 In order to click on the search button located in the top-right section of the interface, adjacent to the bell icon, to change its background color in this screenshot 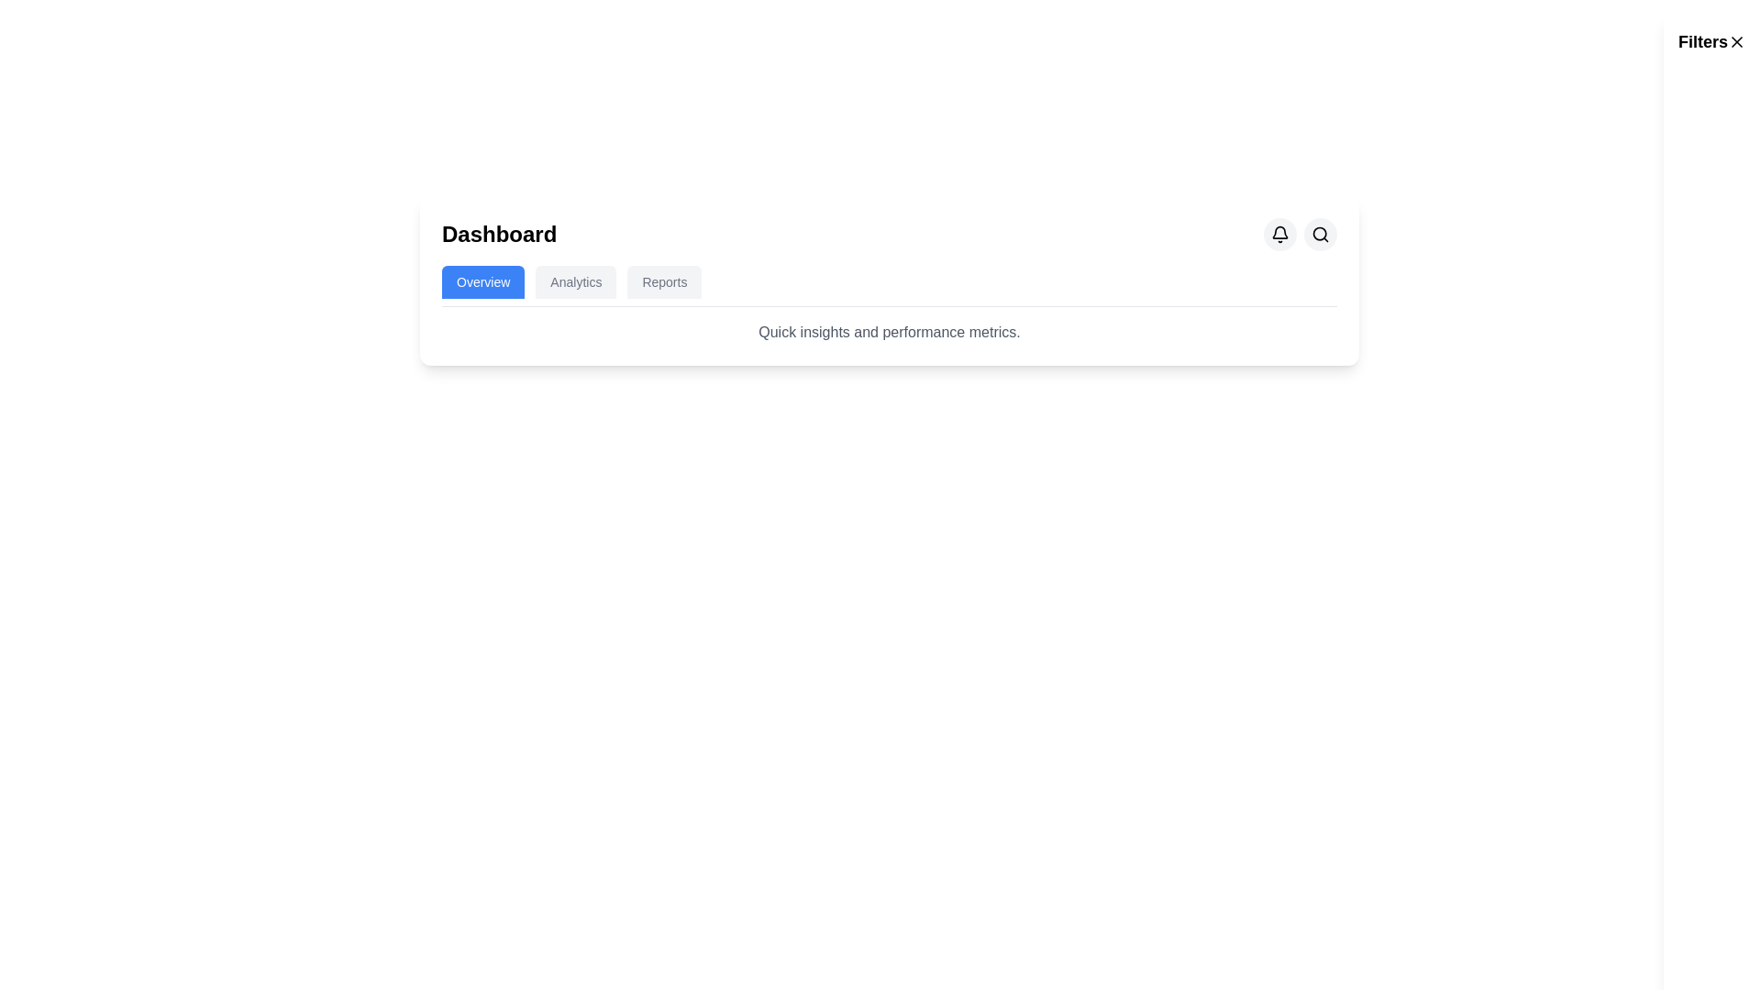, I will do `click(1321, 233)`.